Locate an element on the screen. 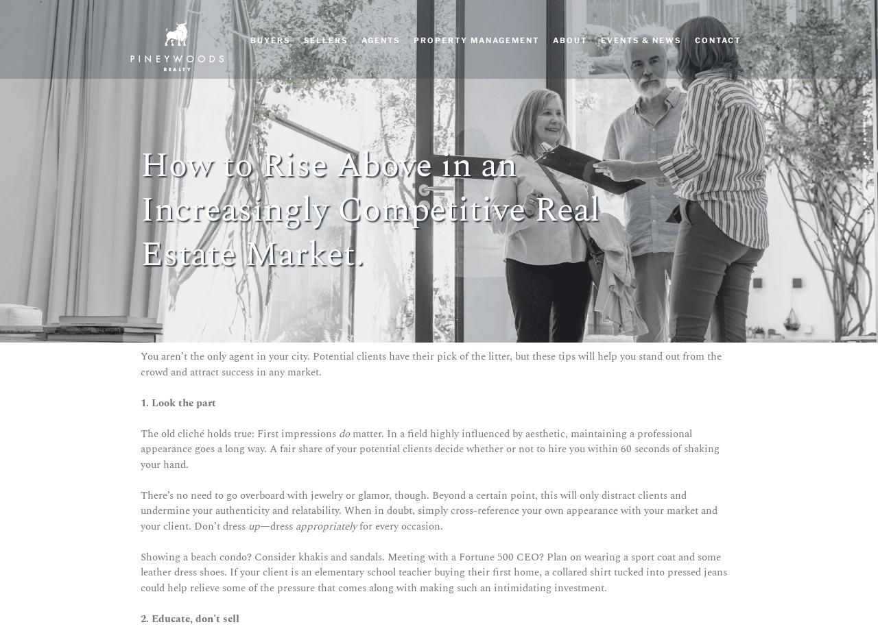 This screenshot has height=644, width=878. '2. Educate, don’t sell' is located at coordinates (141, 617).